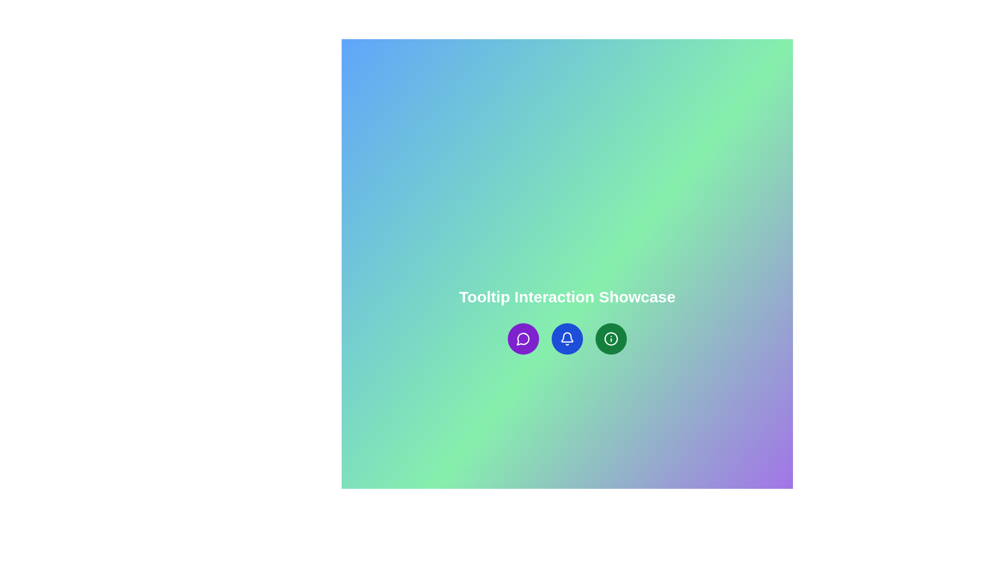  What do you see at coordinates (523, 339) in the screenshot?
I see `the leftmost purple icon in the icon set below the 'Tooltip Interaction Showcase' label` at bounding box center [523, 339].